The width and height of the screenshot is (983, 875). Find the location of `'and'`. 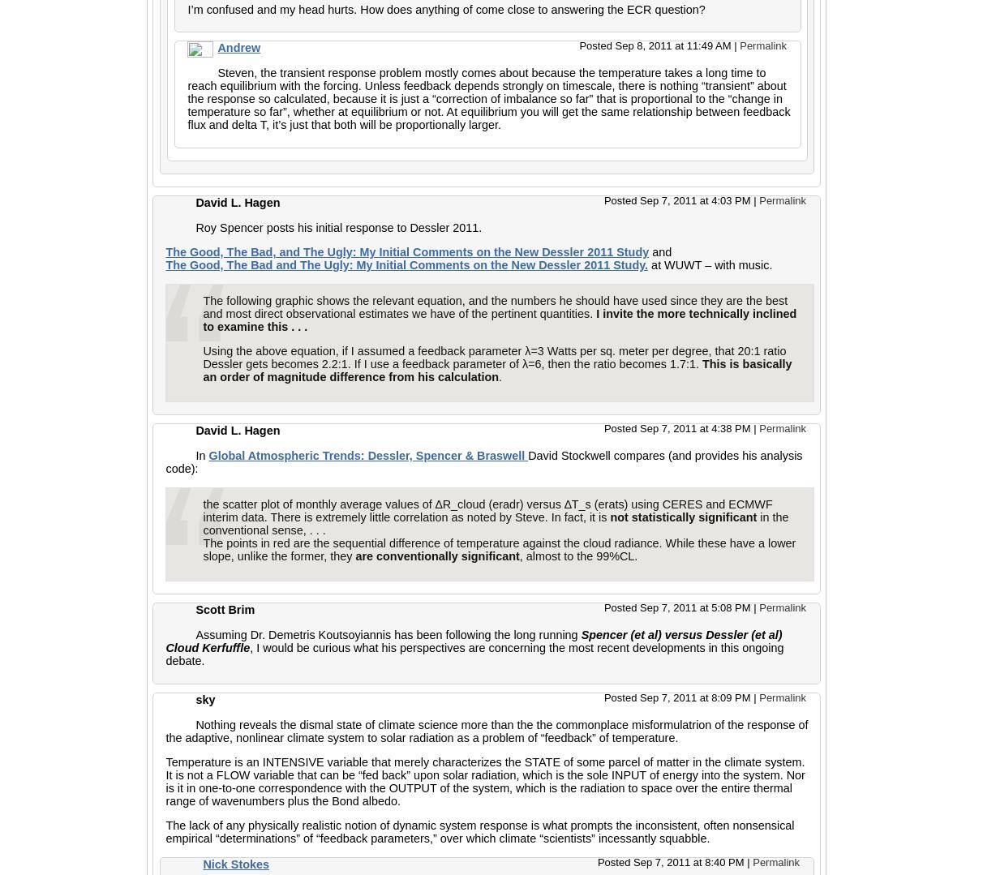

'and' is located at coordinates (659, 251).